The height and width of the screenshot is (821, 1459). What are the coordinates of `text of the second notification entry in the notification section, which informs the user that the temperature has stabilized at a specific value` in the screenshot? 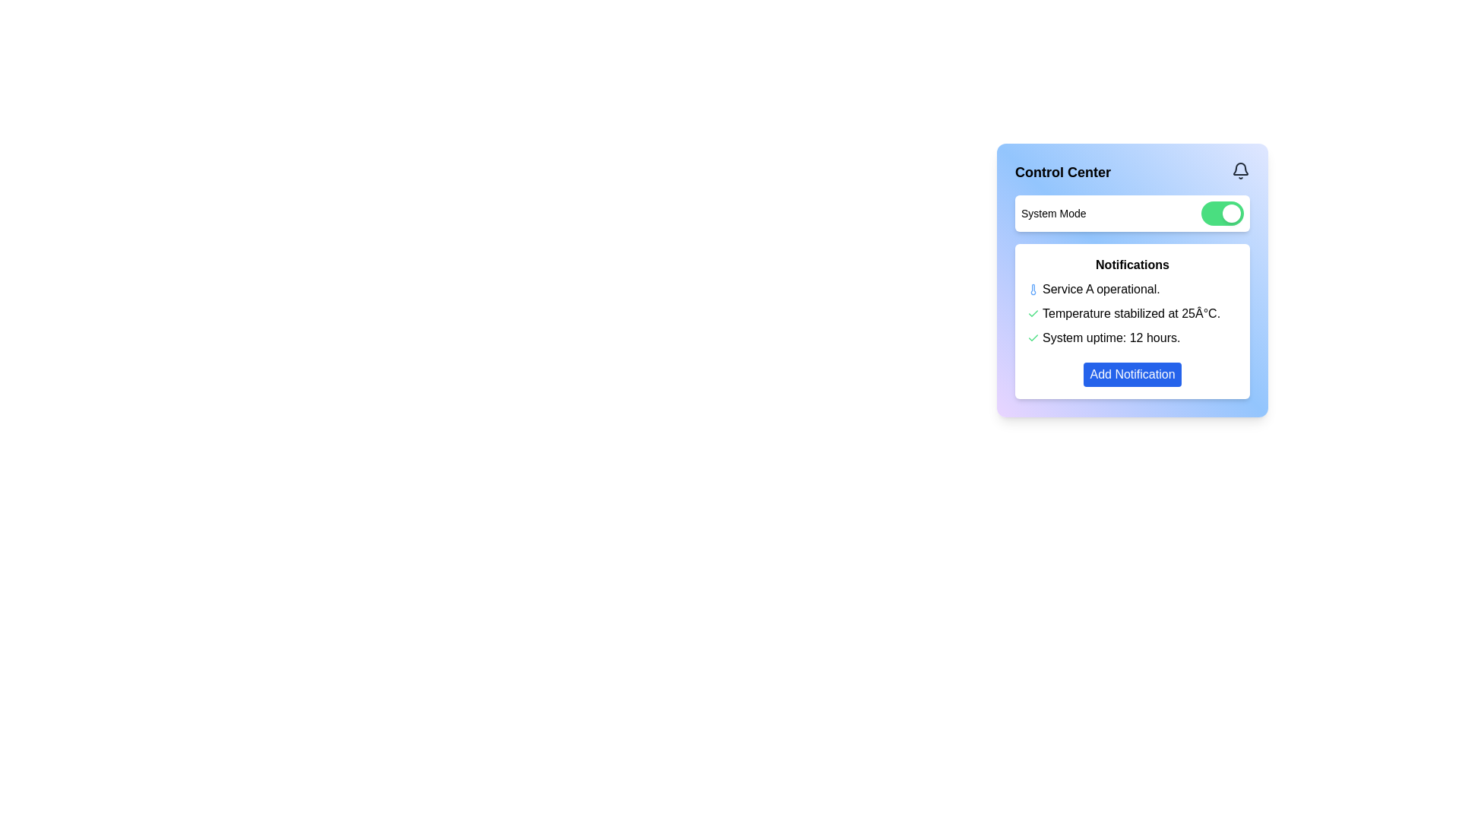 It's located at (1132, 312).